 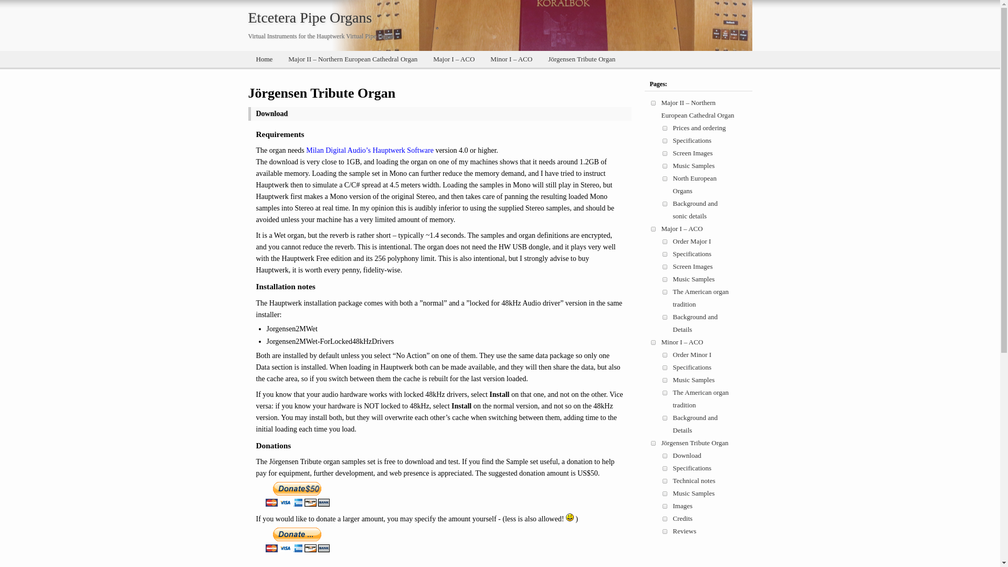 I want to click on 'Credits', so click(x=682, y=518).